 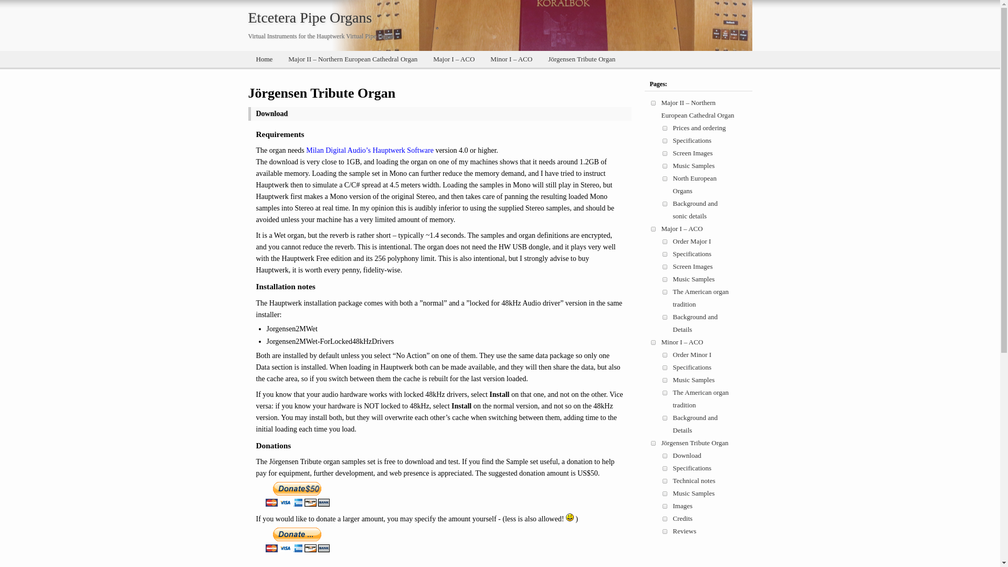 I want to click on 'Credits', so click(x=682, y=518).